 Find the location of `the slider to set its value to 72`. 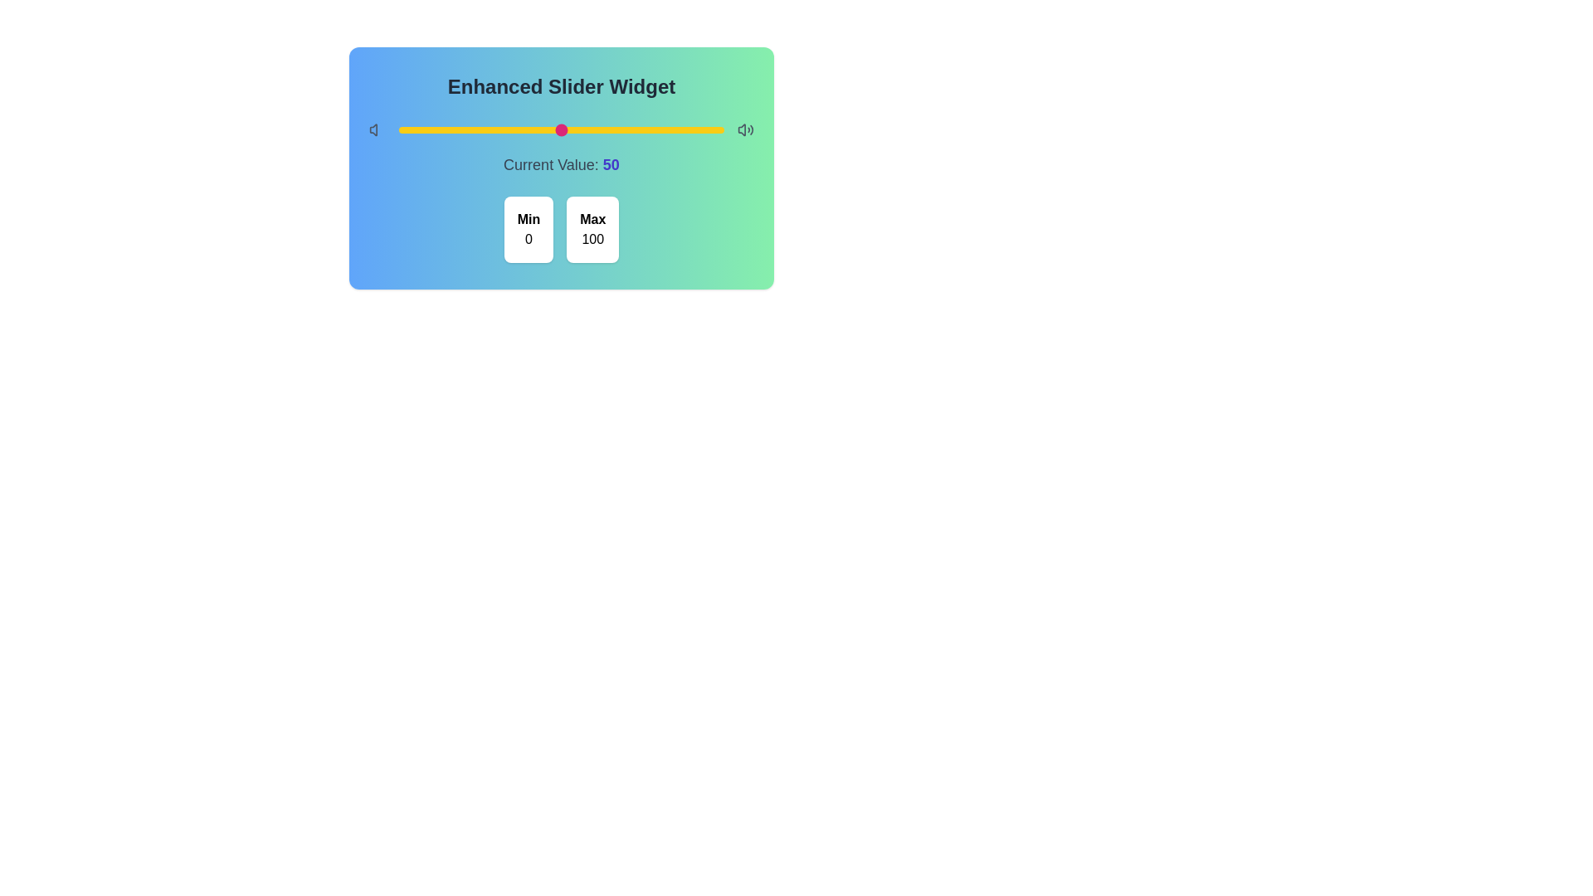

the slider to set its value to 72 is located at coordinates (632, 129).